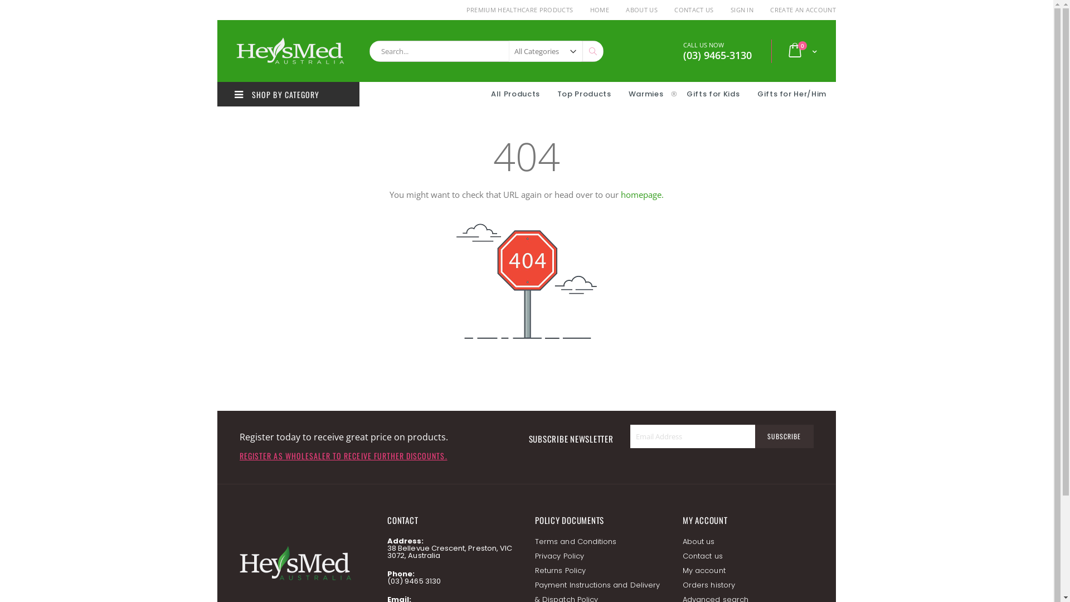 This screenshot has width=1070, height=602. Describe the element at coordinates (646, 93) in the screenshot. I see `'Warmies'` at that location.